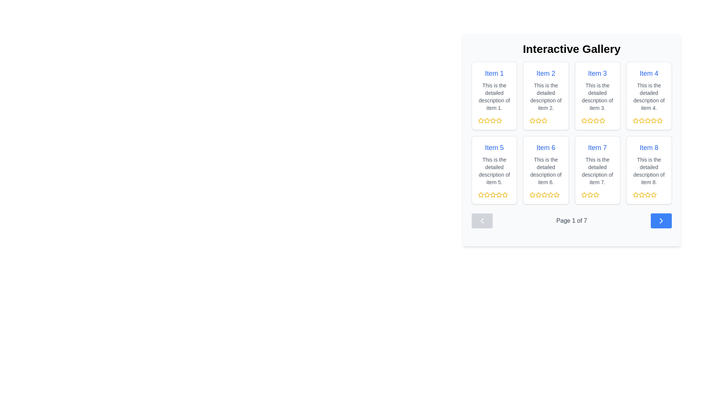 This screenshot has width=721, height=405. I want to click on the first Rating star icon within the card labeled 'Item 8', so click(641, 194).